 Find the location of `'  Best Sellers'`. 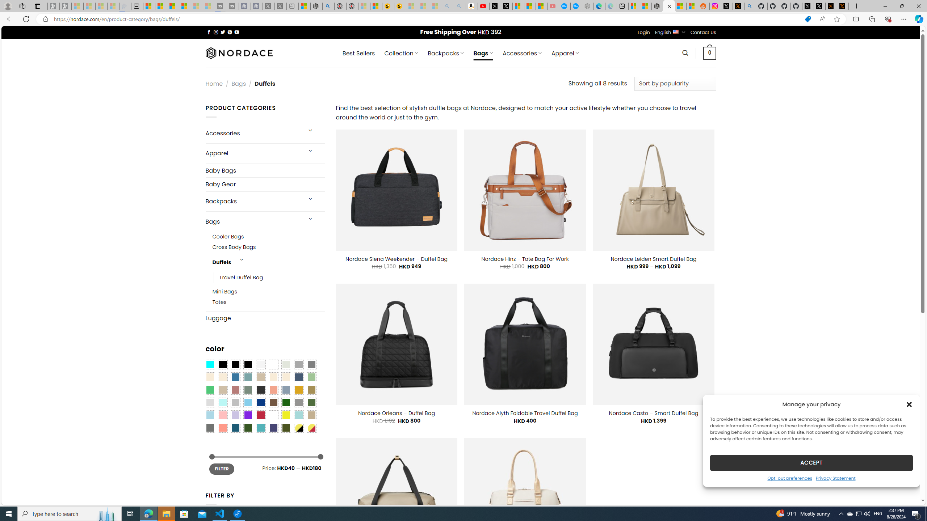

'  Best Sellers' is located at coordinates (358, 53).